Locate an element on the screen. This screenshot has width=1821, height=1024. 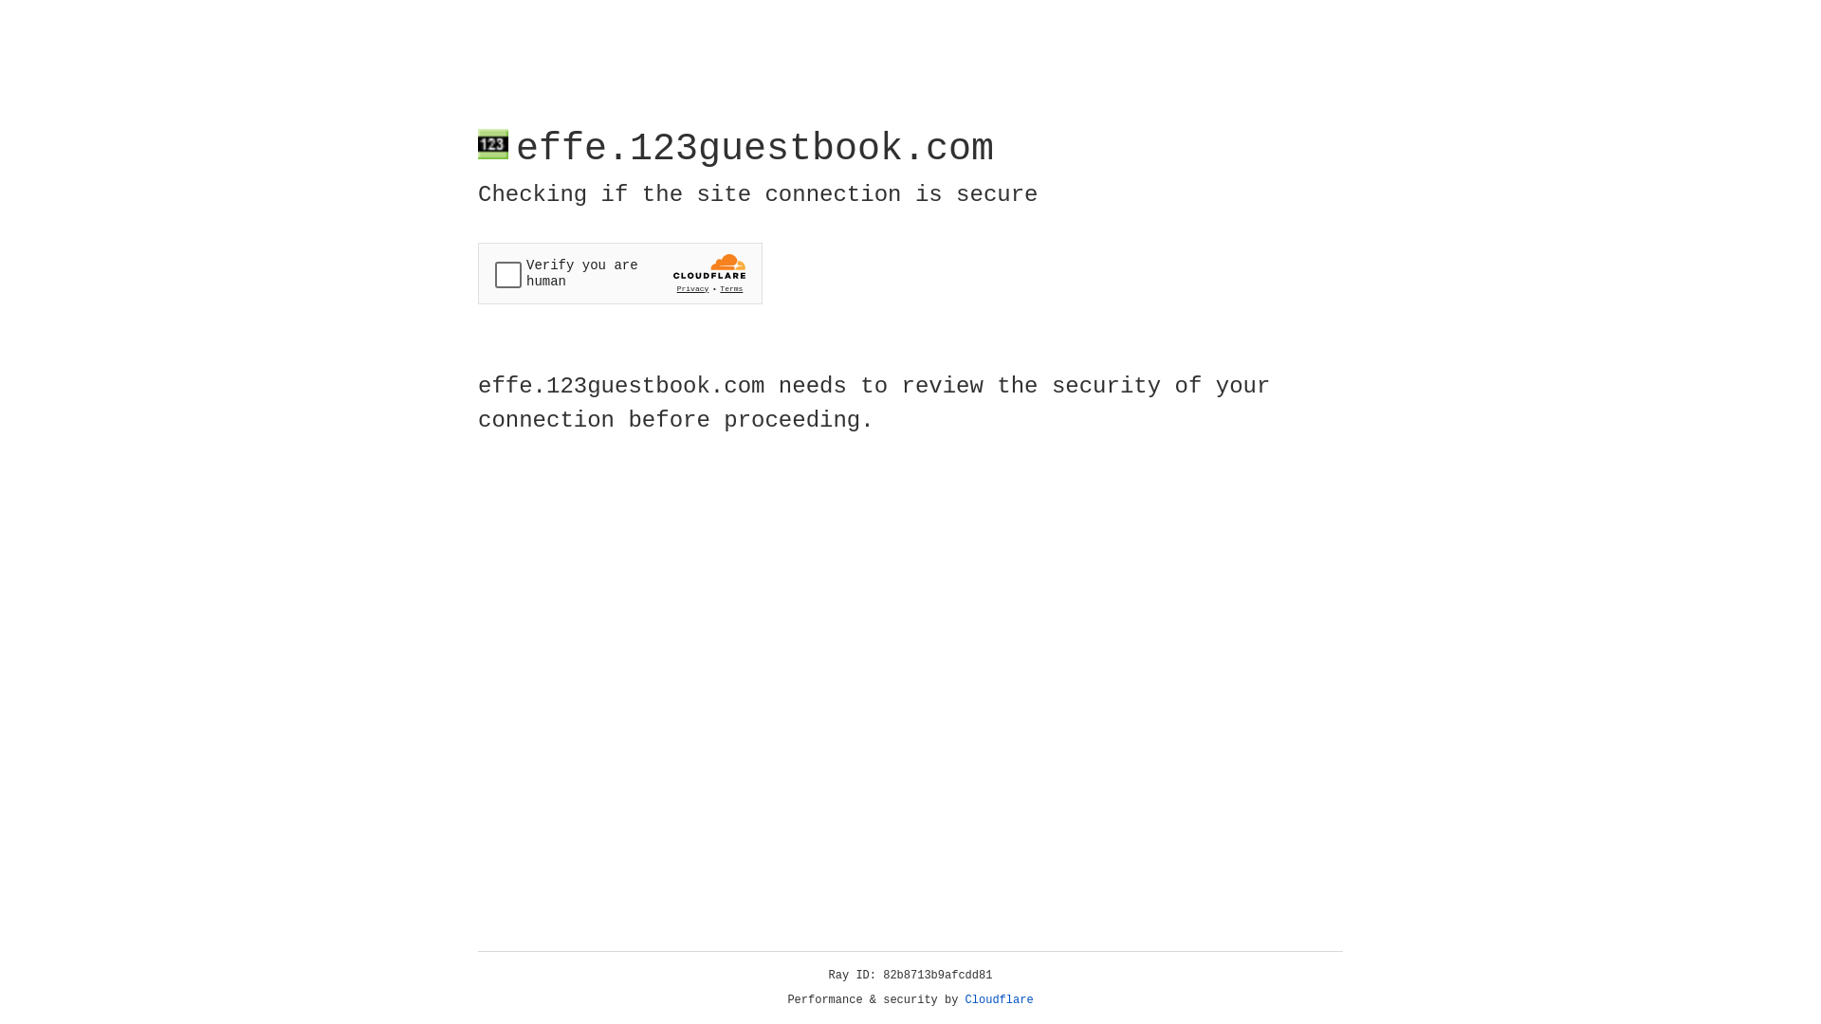
'Widget containing a Cloudflare security challenge' is located at coordinates (619, 273).